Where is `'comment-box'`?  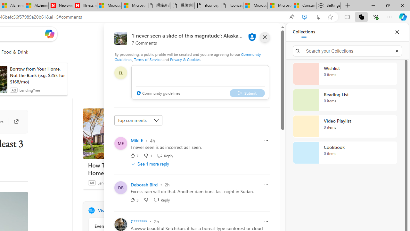 'comment-box' is located at coordinates (200, 82).